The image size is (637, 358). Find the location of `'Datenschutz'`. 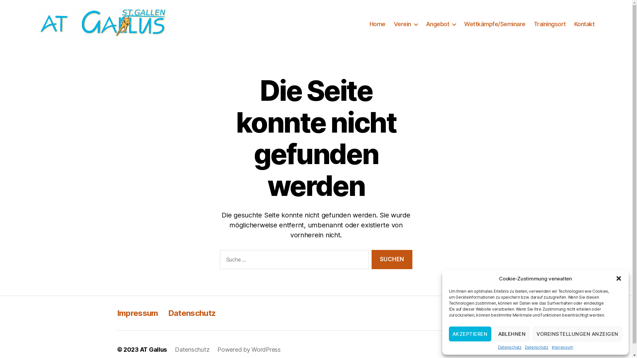

'Datenschutz' is located at coordinates (192, 349).